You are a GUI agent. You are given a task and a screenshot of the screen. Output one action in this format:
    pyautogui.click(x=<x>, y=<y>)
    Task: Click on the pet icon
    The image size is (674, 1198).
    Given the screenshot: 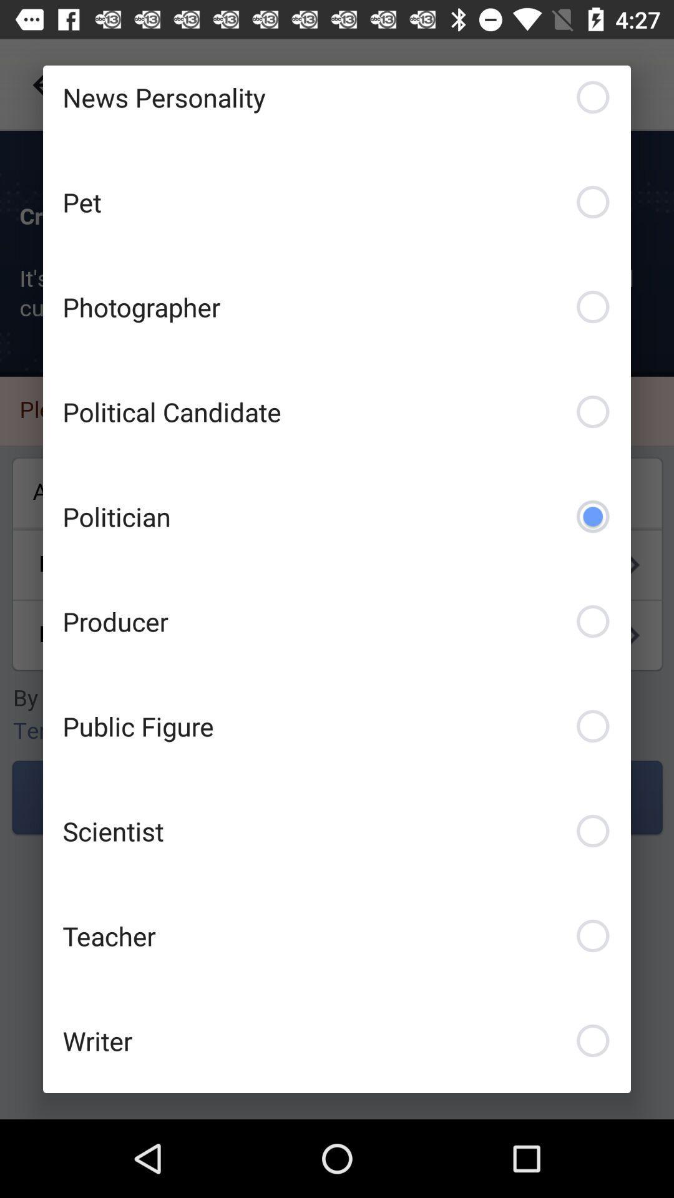 What is the action you would take?
    pyautogui.click(x=337, y=202)
    